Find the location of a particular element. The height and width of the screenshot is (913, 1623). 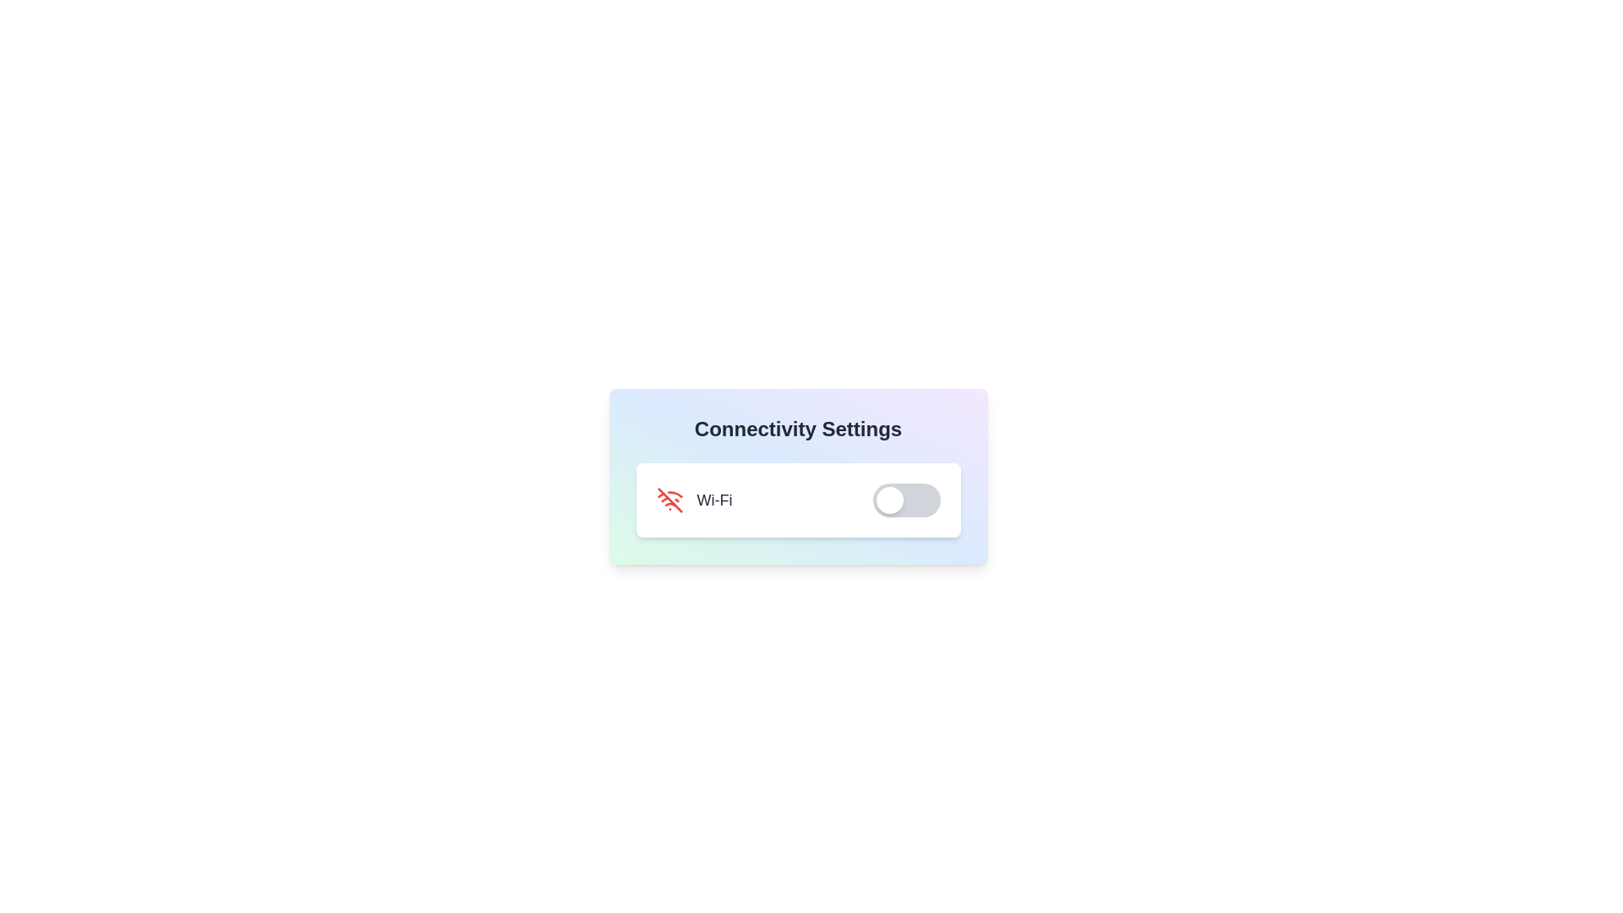

the Draggable toggle handle of the Wi-Fi toggle switch is located at coordinates (888, 499).